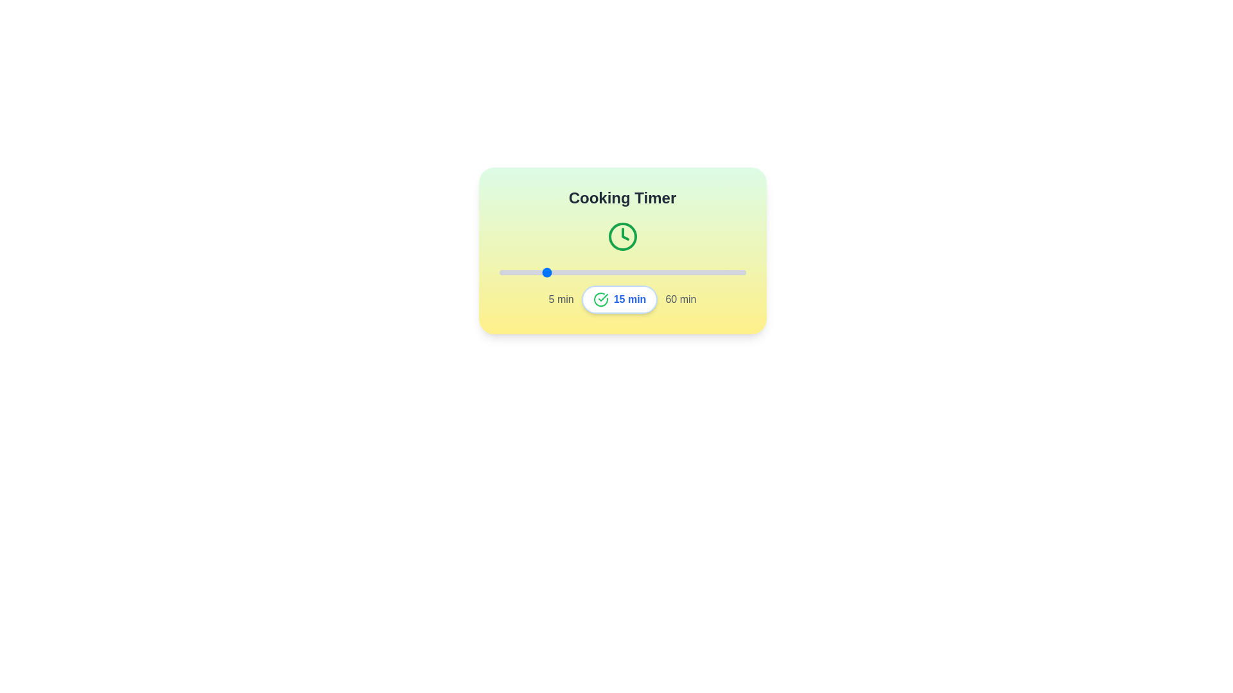 Image resolution: width=1233 pixels, height=693 pixels. What do you see at coordinates (630, 299) in the screenshot?
I see `information conveyed by the text label displaying '15 min' with a bold blue font, which is positioned to the right of a green tick icon on a rounded rectangular white background` at bounding box center [630, 299].